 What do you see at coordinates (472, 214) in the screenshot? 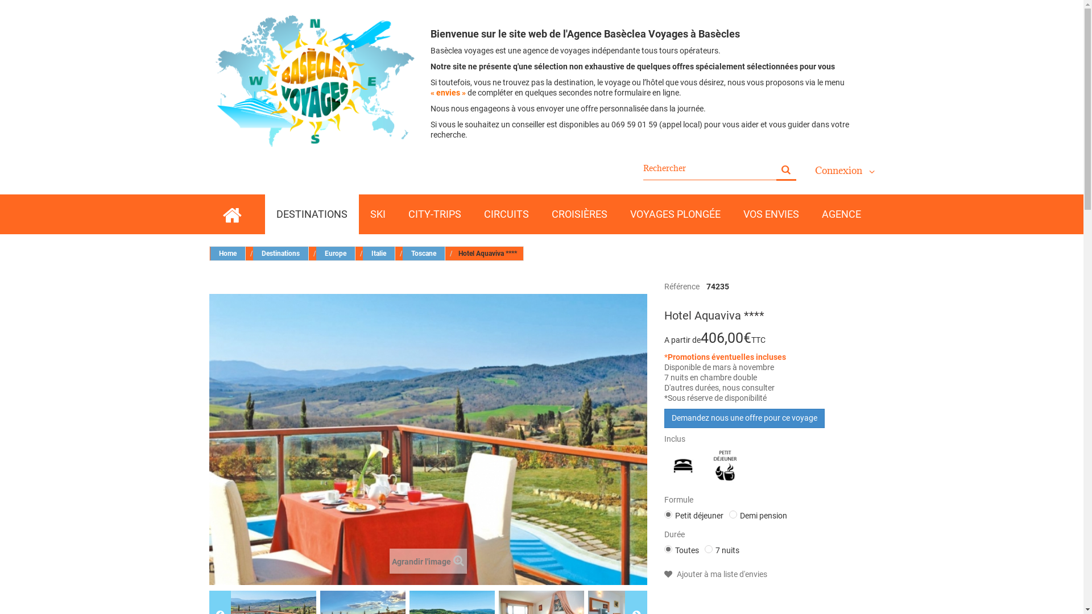
I see `'CIRCUITS'` at bounding box center [472, 214].